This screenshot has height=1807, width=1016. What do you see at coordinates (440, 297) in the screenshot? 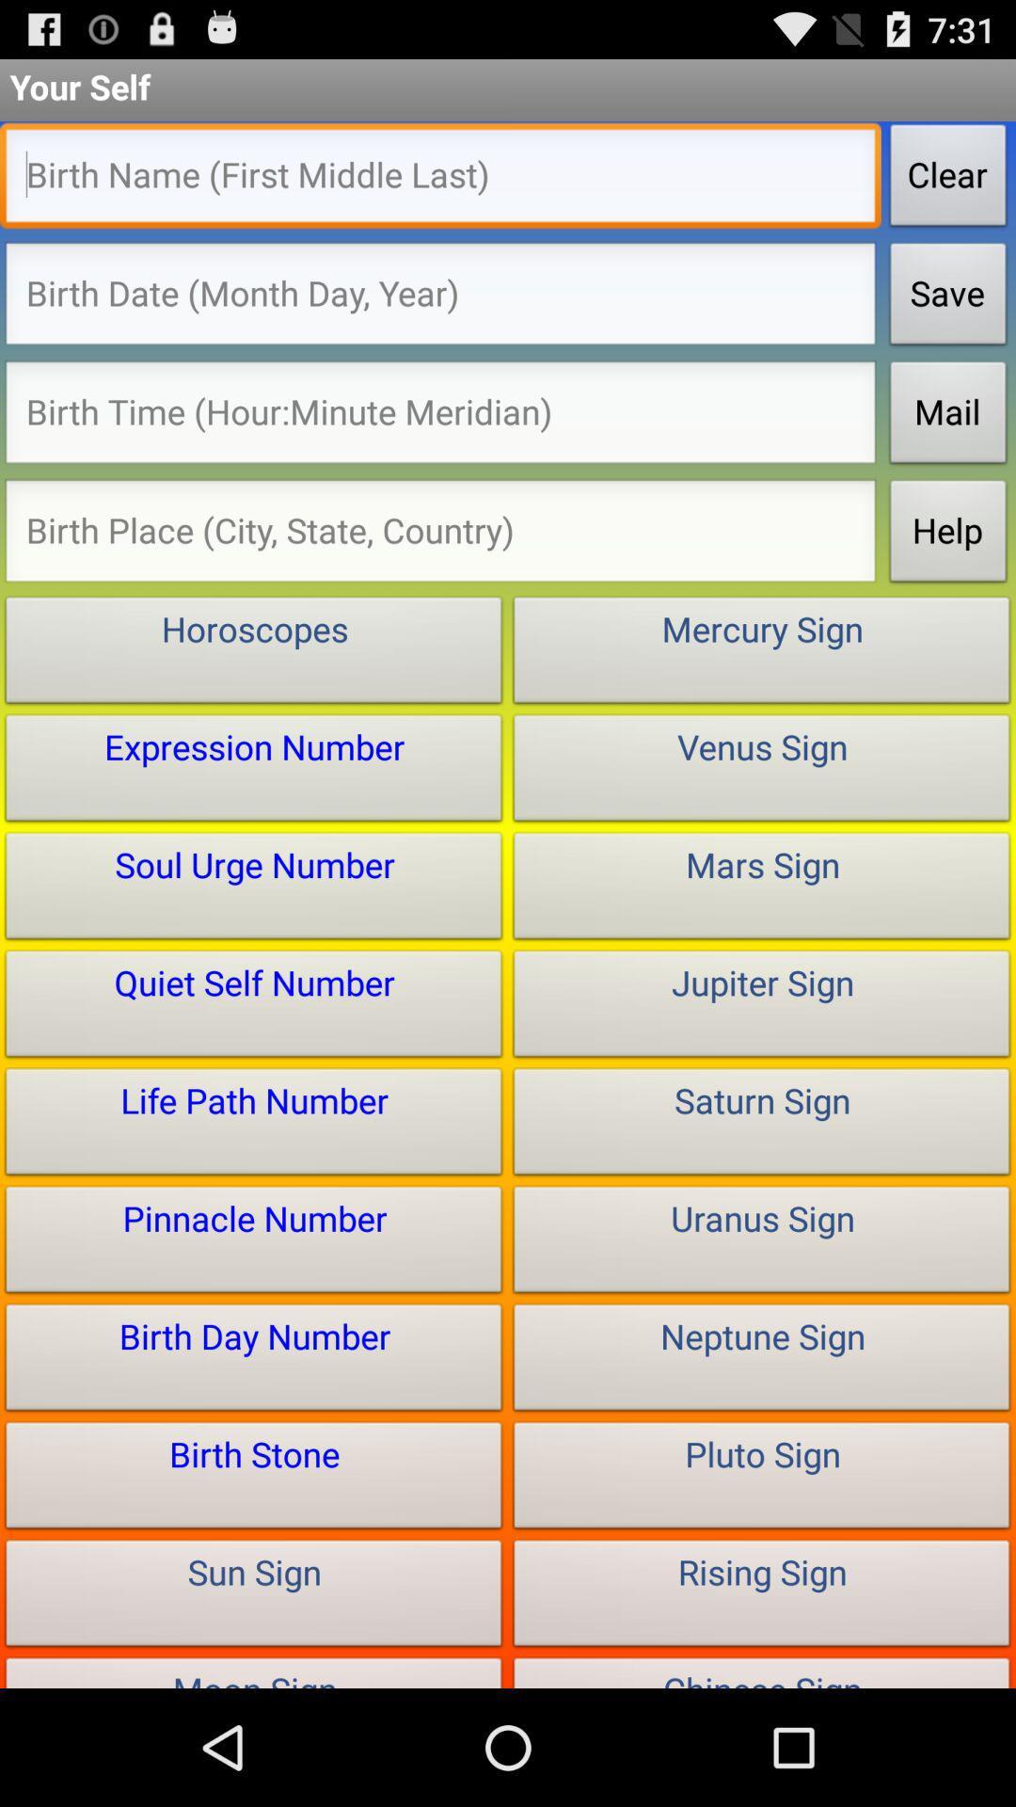
I see `type birthdate` at bounding box center [440, 297].